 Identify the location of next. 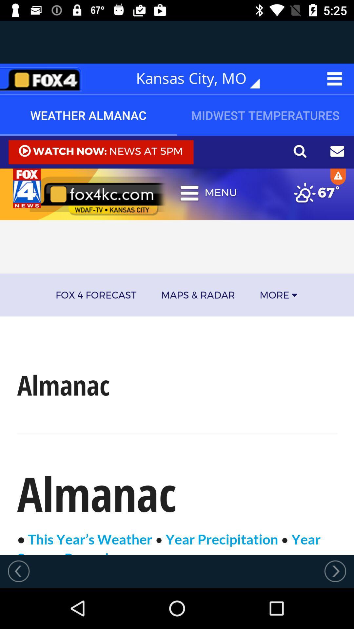
(335, 571).